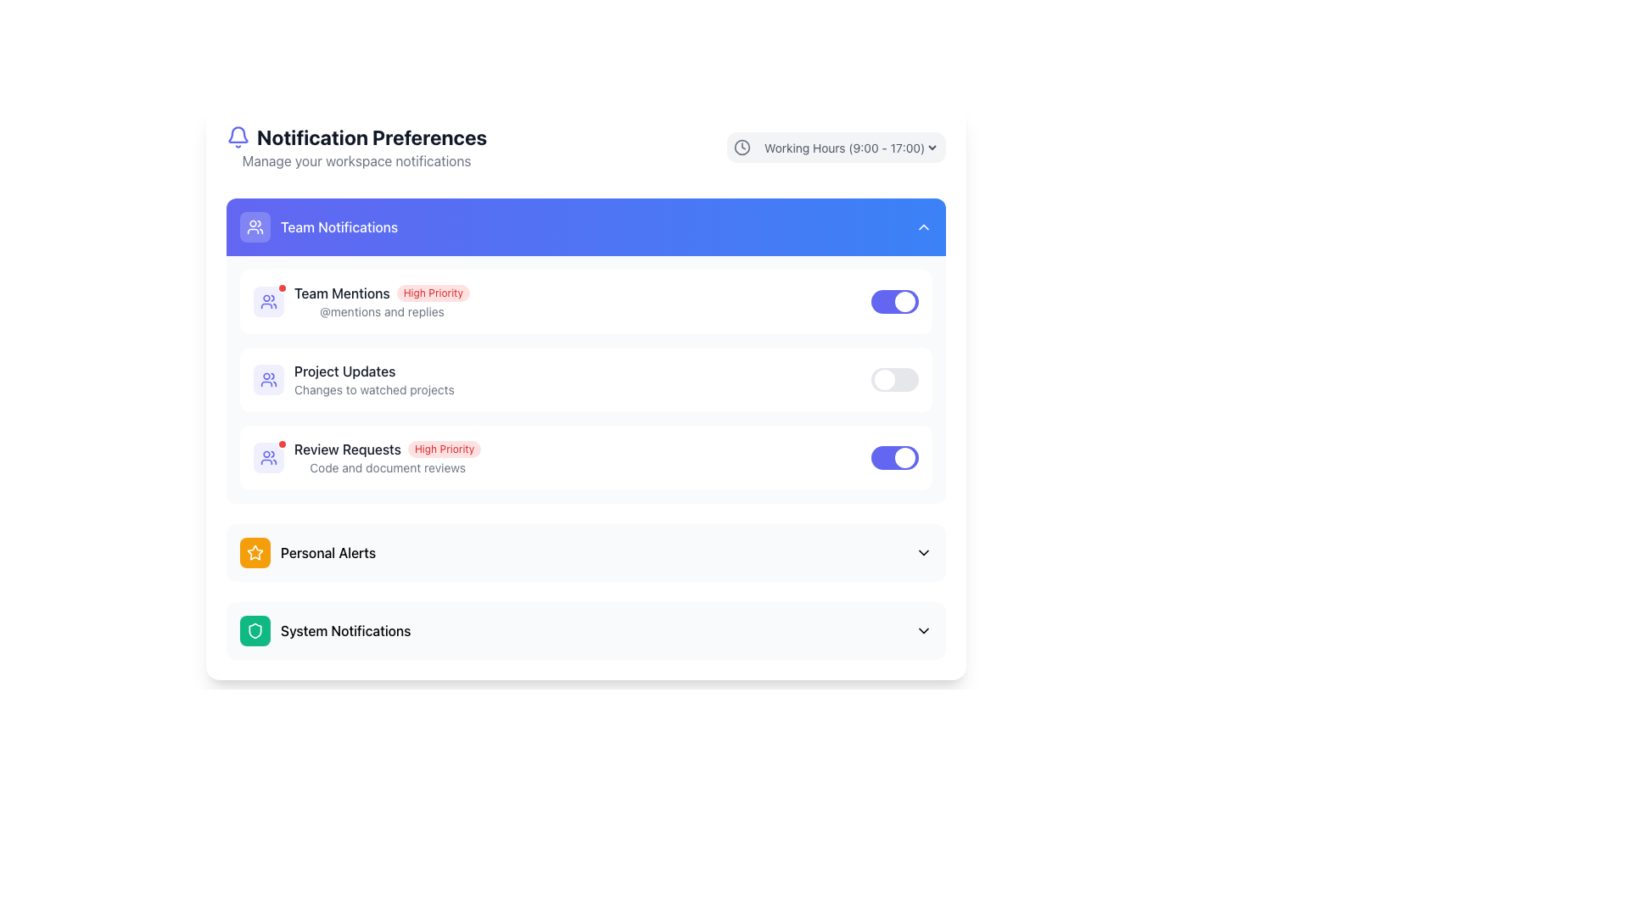  I want to click on the bell icon representing notifications, located left of the 'Notification Preferences' heading, so click(238, 137).